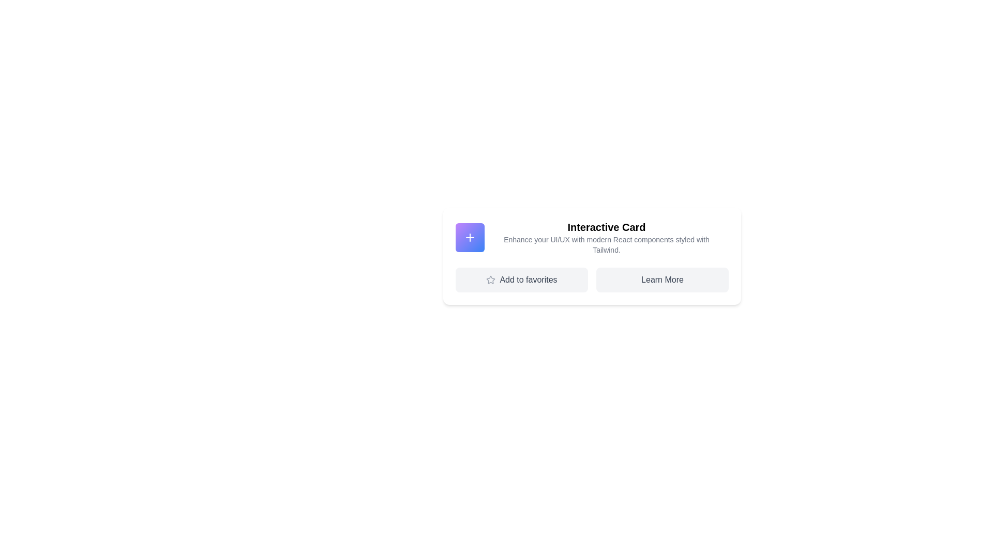 The width and height of the screenshot is (993, 558). What do you see at coordinates (606, 237) in the screenshot?
I see `the text displayed in the title and subtitle section of the card component, which is located above the 'Add to favorites' and 'Learn More' buttons` at bounding box center [606, 237].